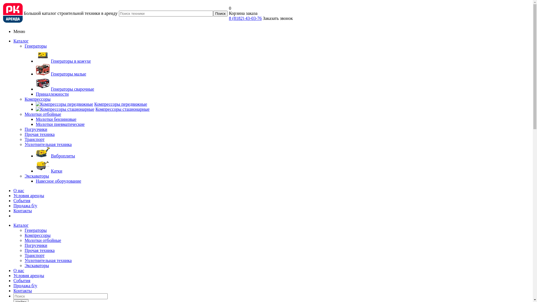 This screenshot has height=302, width=537. Describe the element at coordinates (245, 18) in the screenshot. I see `'8 (8182) 43-03-76'` at that location.